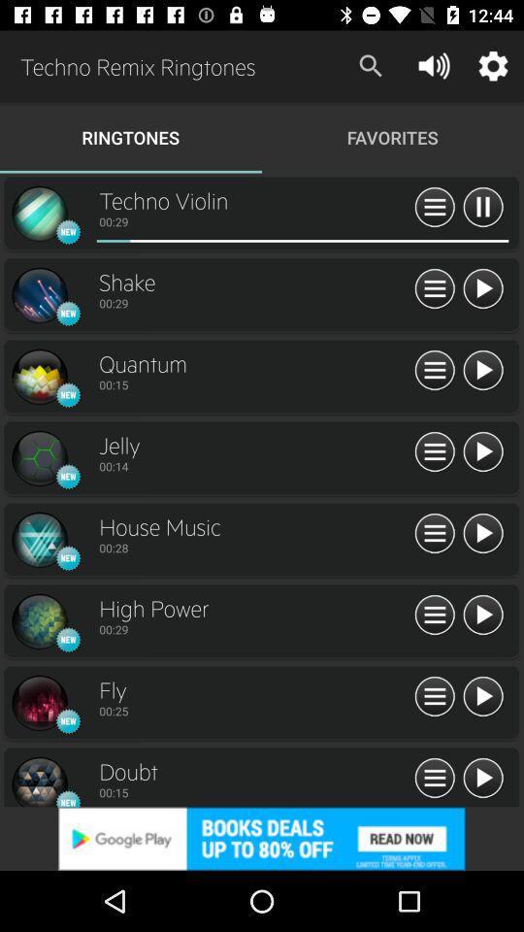  I want to click on plays the ringtone, so click(481, 370).